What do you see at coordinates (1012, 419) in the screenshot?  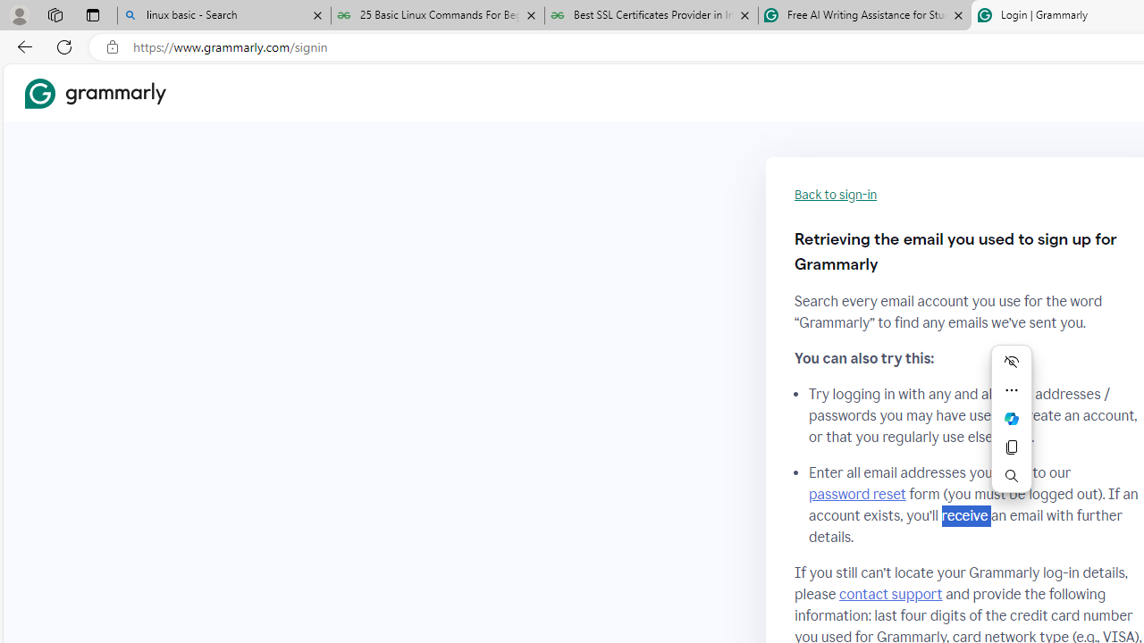 I see `'Ask Copilot'` at bounding box center [1012, 419].